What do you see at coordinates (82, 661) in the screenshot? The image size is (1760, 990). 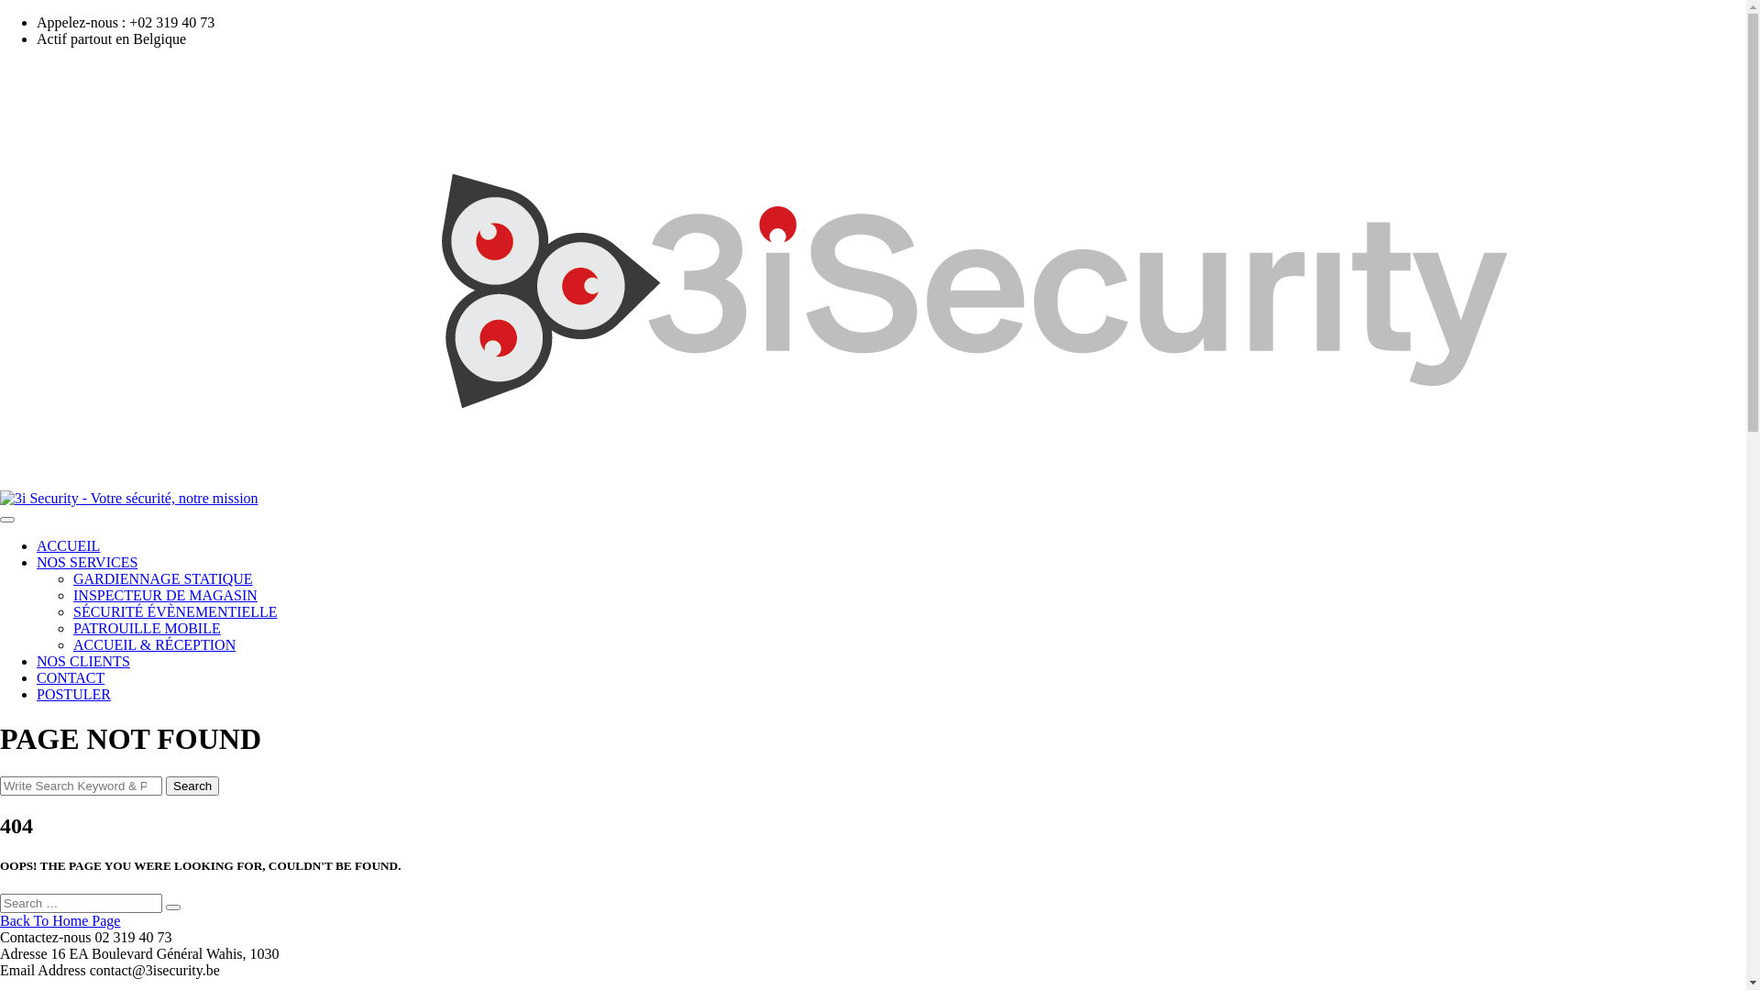 I see `'NOS CLIENTS'` at bounding box center [82, 661].